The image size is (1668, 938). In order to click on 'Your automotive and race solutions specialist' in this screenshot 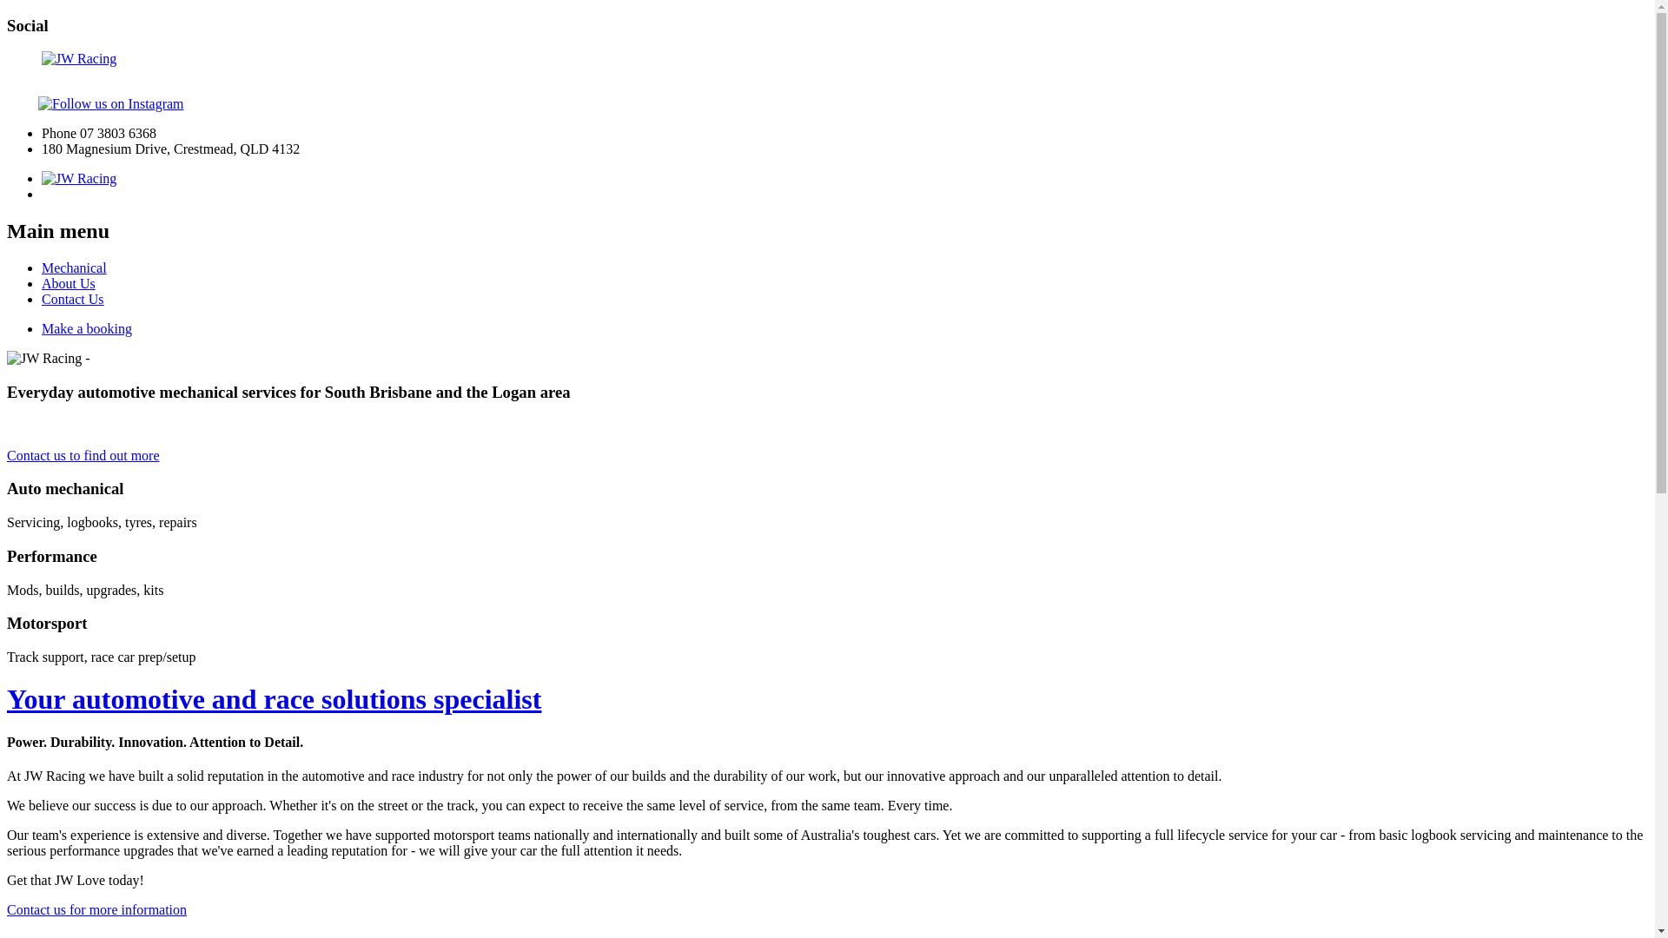, I will do `click(273, 698)`.